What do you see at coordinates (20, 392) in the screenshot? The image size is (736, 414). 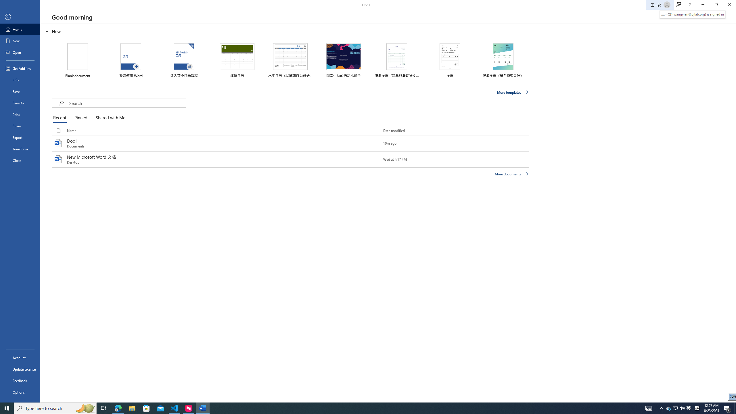 I see `'Options'` at bounding box center [20, 392].